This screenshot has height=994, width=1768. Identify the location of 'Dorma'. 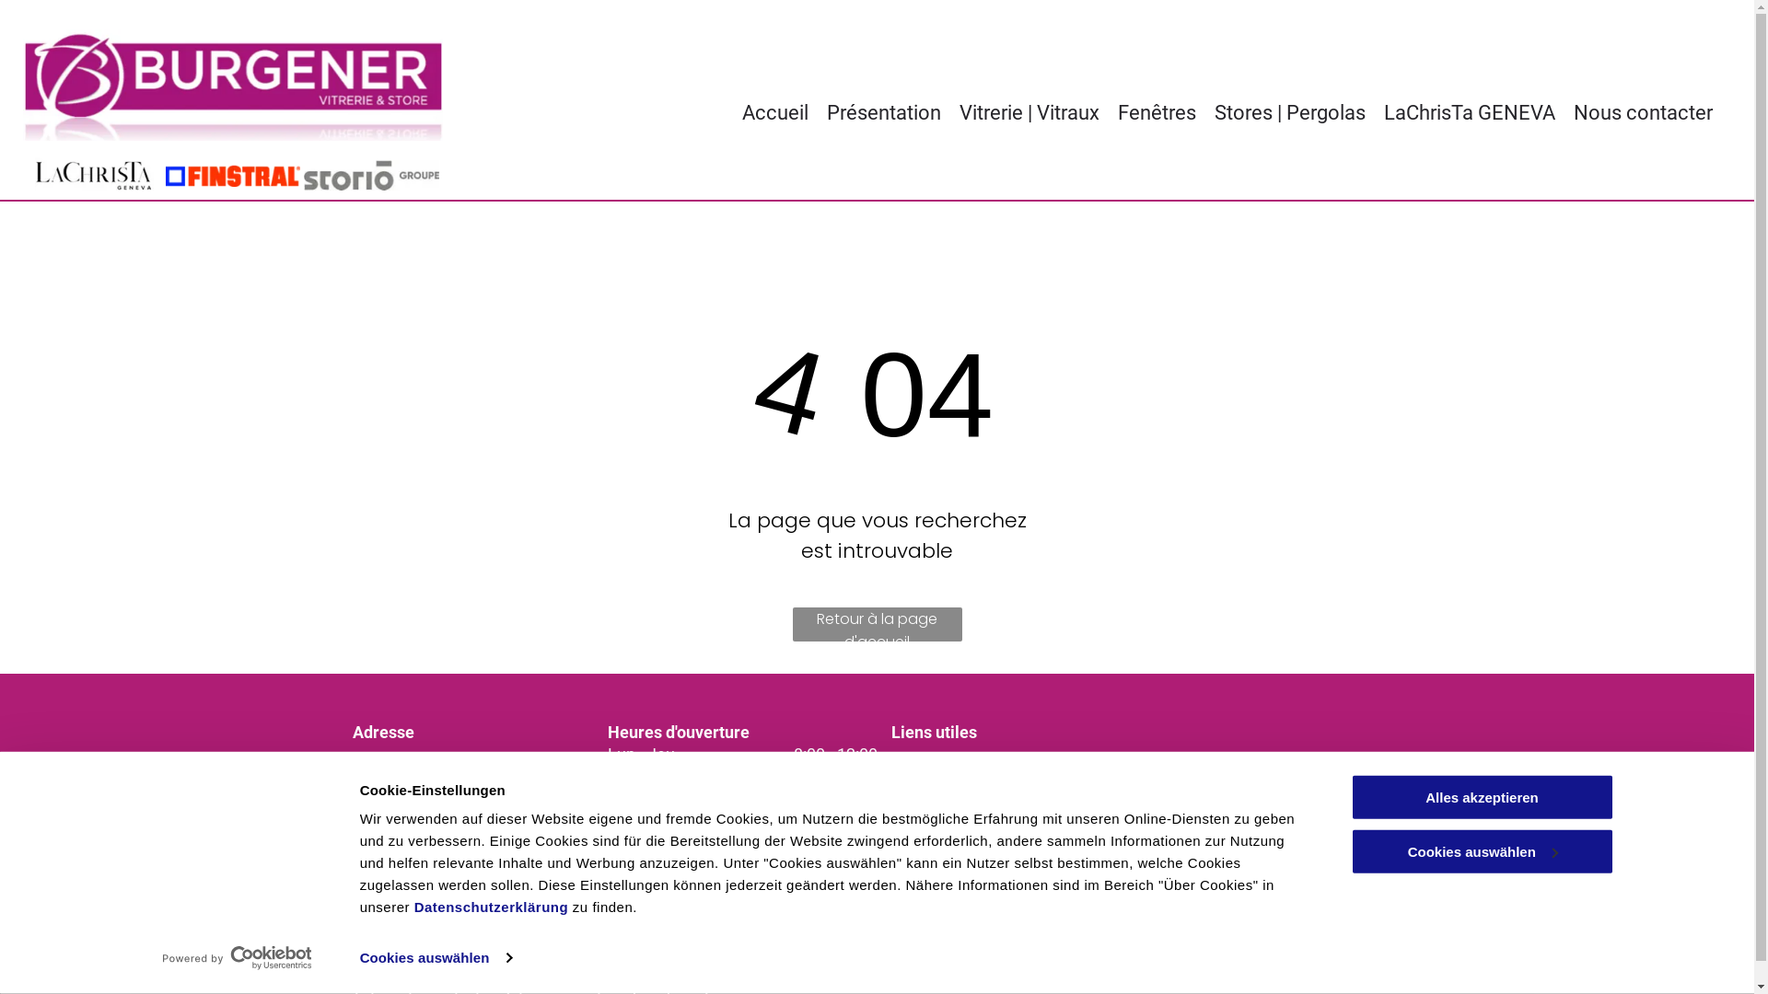
(929, 787).